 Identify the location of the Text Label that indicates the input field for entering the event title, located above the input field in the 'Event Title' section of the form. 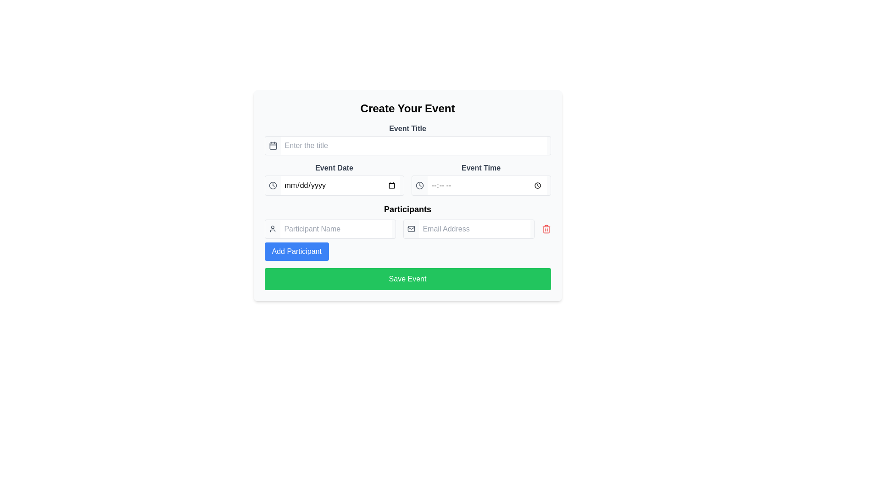
(407, 129).